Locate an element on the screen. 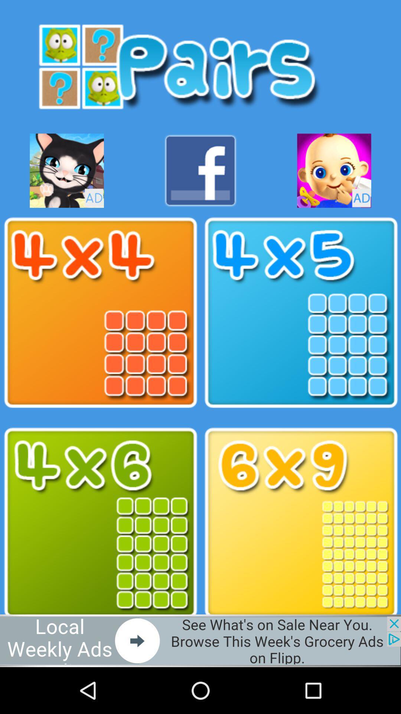 The width and height of the screenshot is (401, 714). game button is located at coordinates (67, 170).